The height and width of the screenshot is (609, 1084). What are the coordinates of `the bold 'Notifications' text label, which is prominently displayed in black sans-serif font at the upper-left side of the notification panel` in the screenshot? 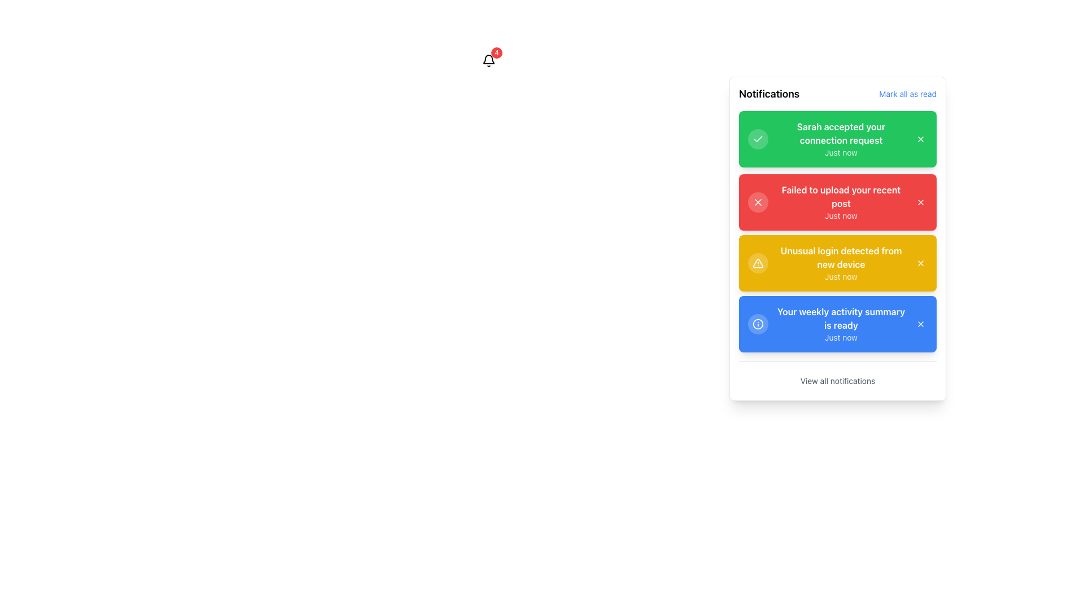 It's located at (768, 93).